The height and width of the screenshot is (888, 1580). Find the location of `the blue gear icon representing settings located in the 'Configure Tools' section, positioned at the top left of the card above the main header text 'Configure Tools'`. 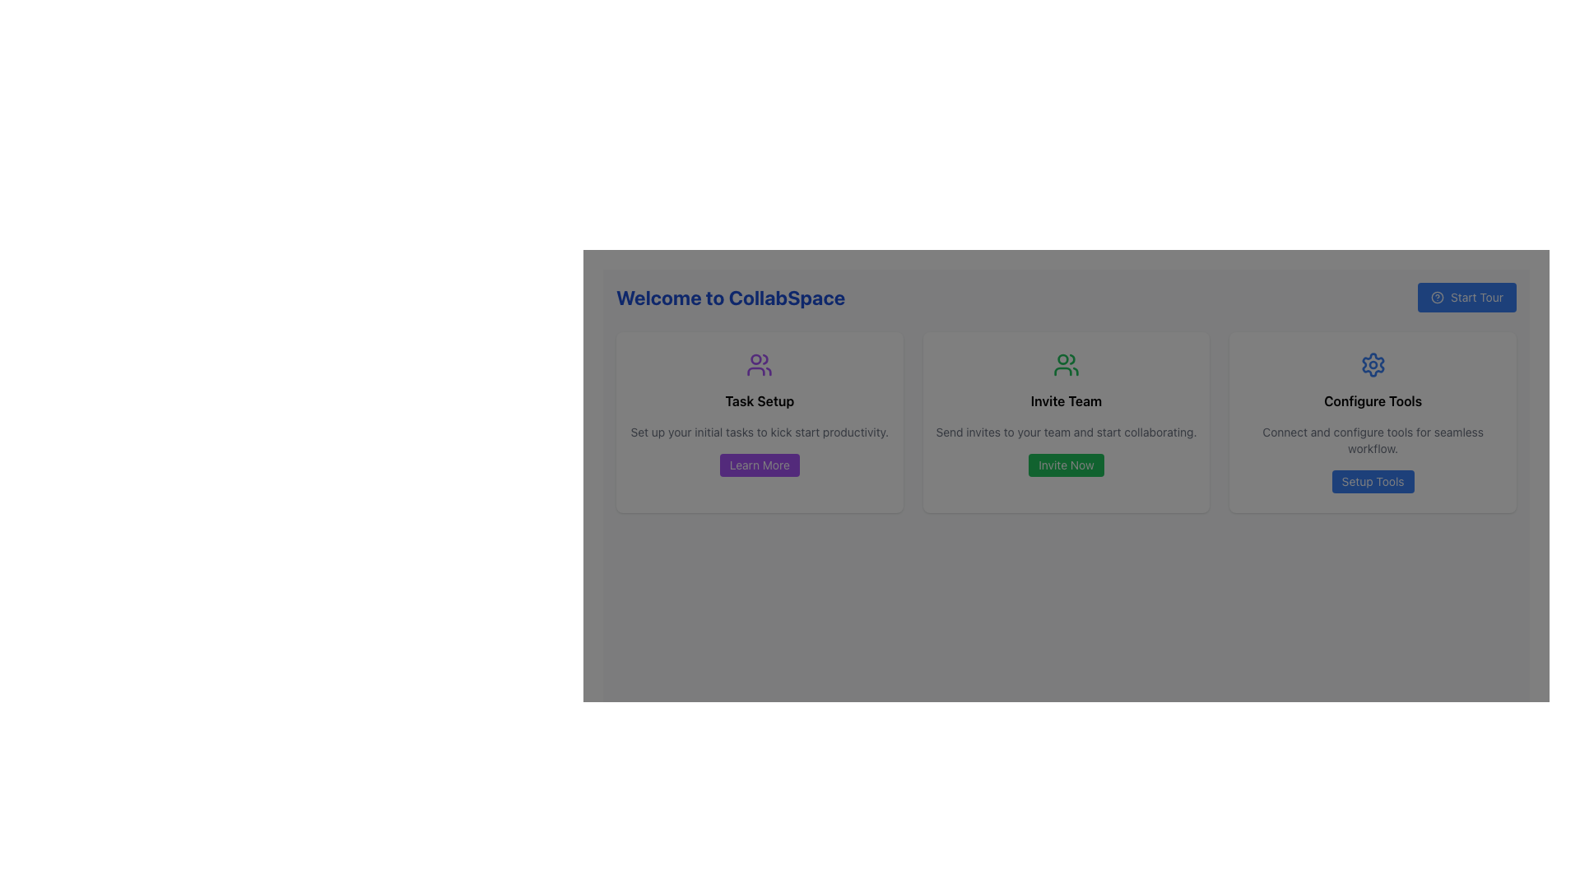

the blue gear icon representing settings located in the 'Configure Tools' section, positioned at the top left of the card above the main header text 'Configure Tools' is located at coordinates (1373, 363).